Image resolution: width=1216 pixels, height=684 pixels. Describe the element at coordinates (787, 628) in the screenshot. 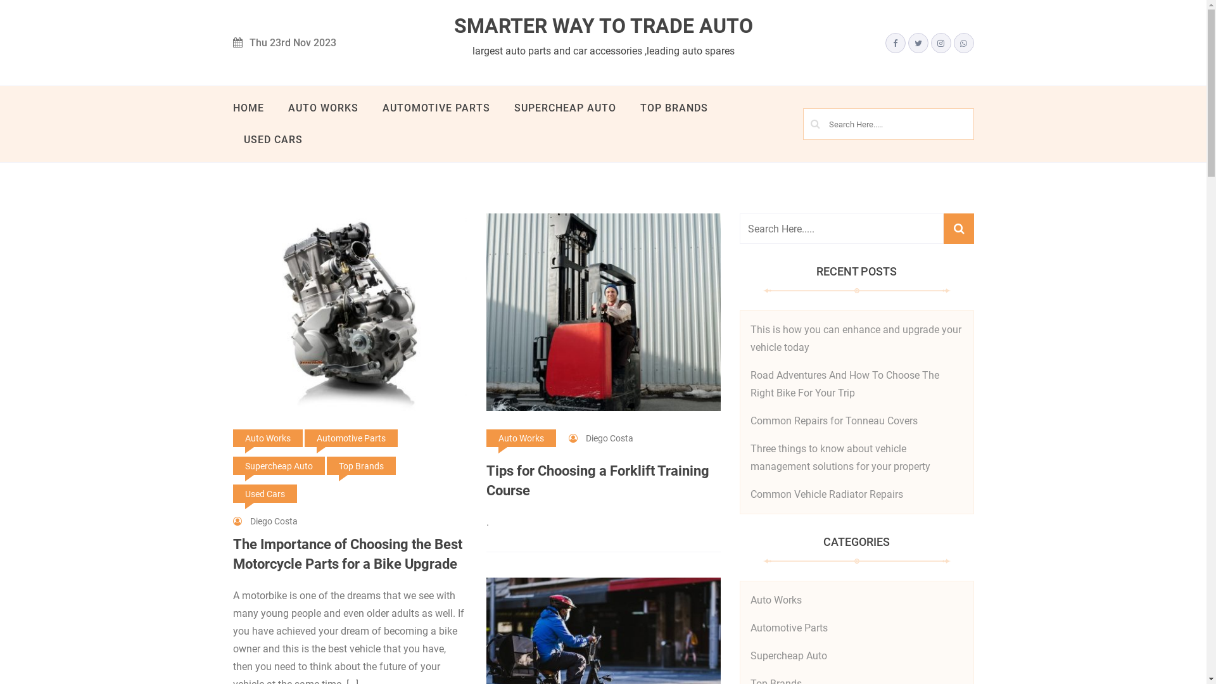

I see `'Automotive Parts'` at that location.